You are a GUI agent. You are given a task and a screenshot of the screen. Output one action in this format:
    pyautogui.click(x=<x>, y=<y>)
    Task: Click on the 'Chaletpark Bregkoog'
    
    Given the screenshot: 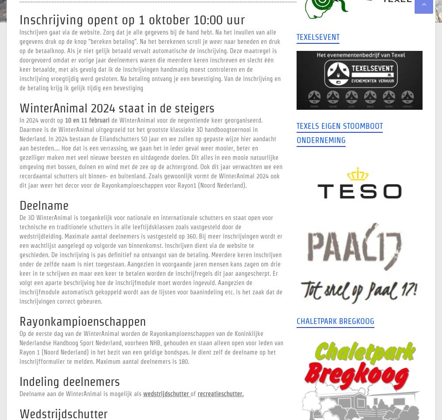 What is the action you would take?
    pyautogui.click(x=335, y=321)
    